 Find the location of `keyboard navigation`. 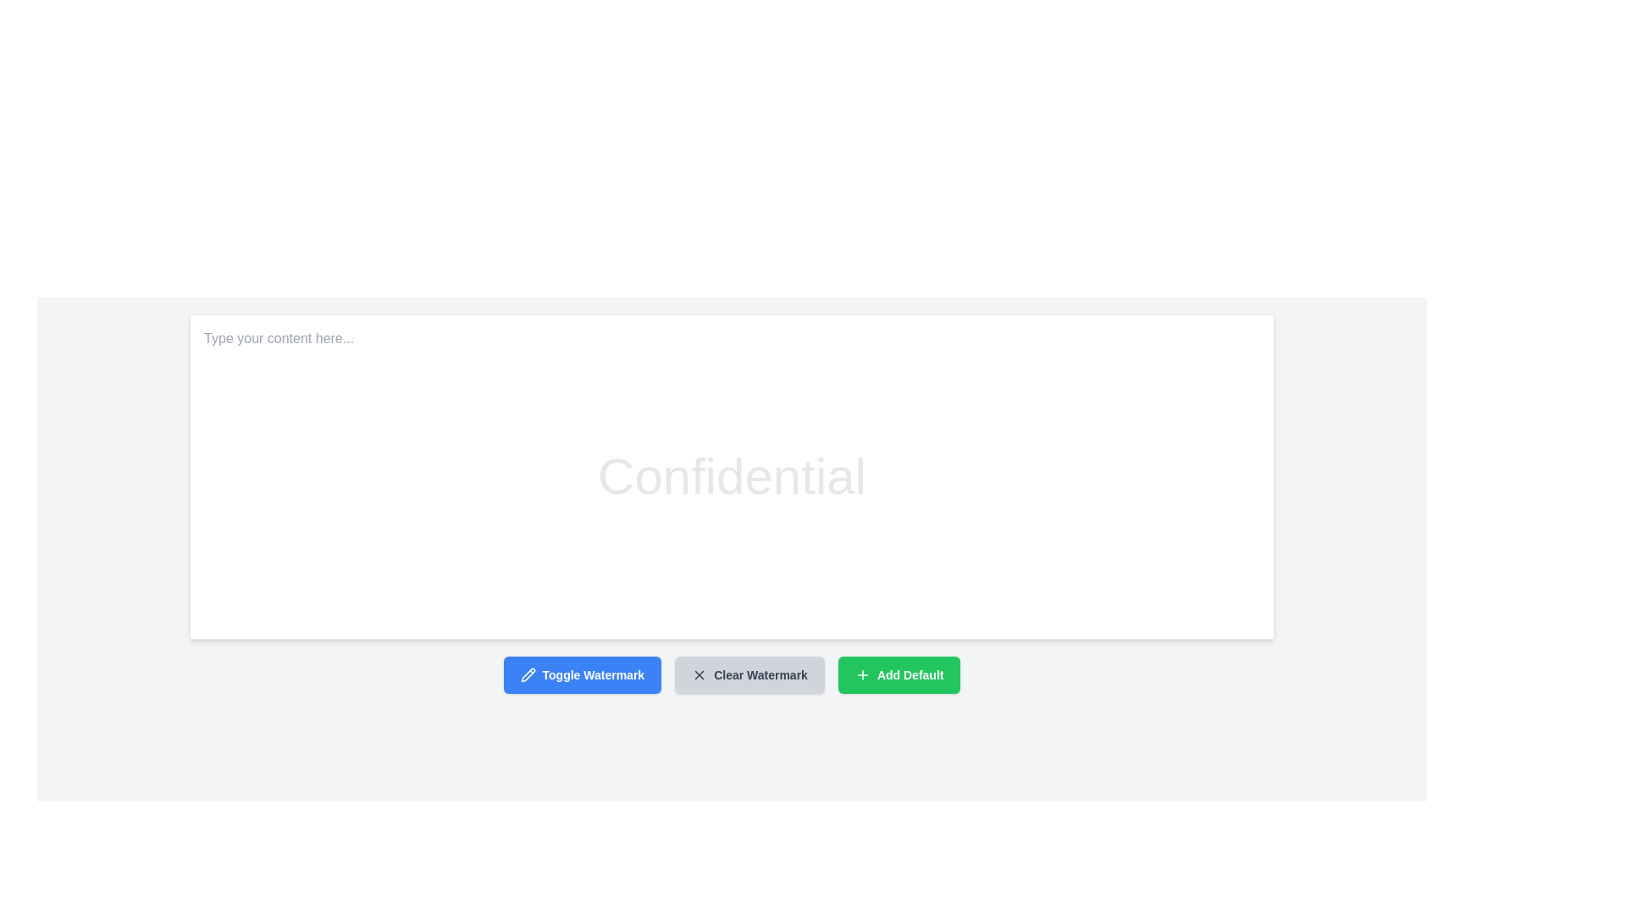

keyboard navigation is located at coordinates (749, 674).